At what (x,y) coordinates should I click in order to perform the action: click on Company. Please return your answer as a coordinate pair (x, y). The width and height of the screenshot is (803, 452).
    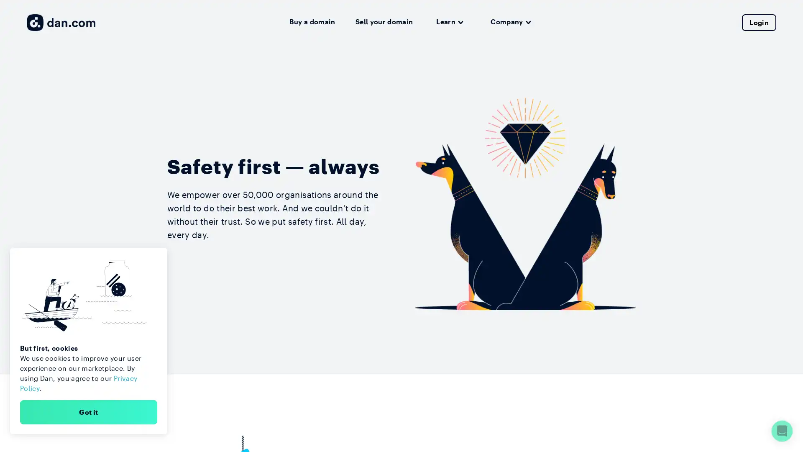
    Looking at the image, I should click on (510, 22).